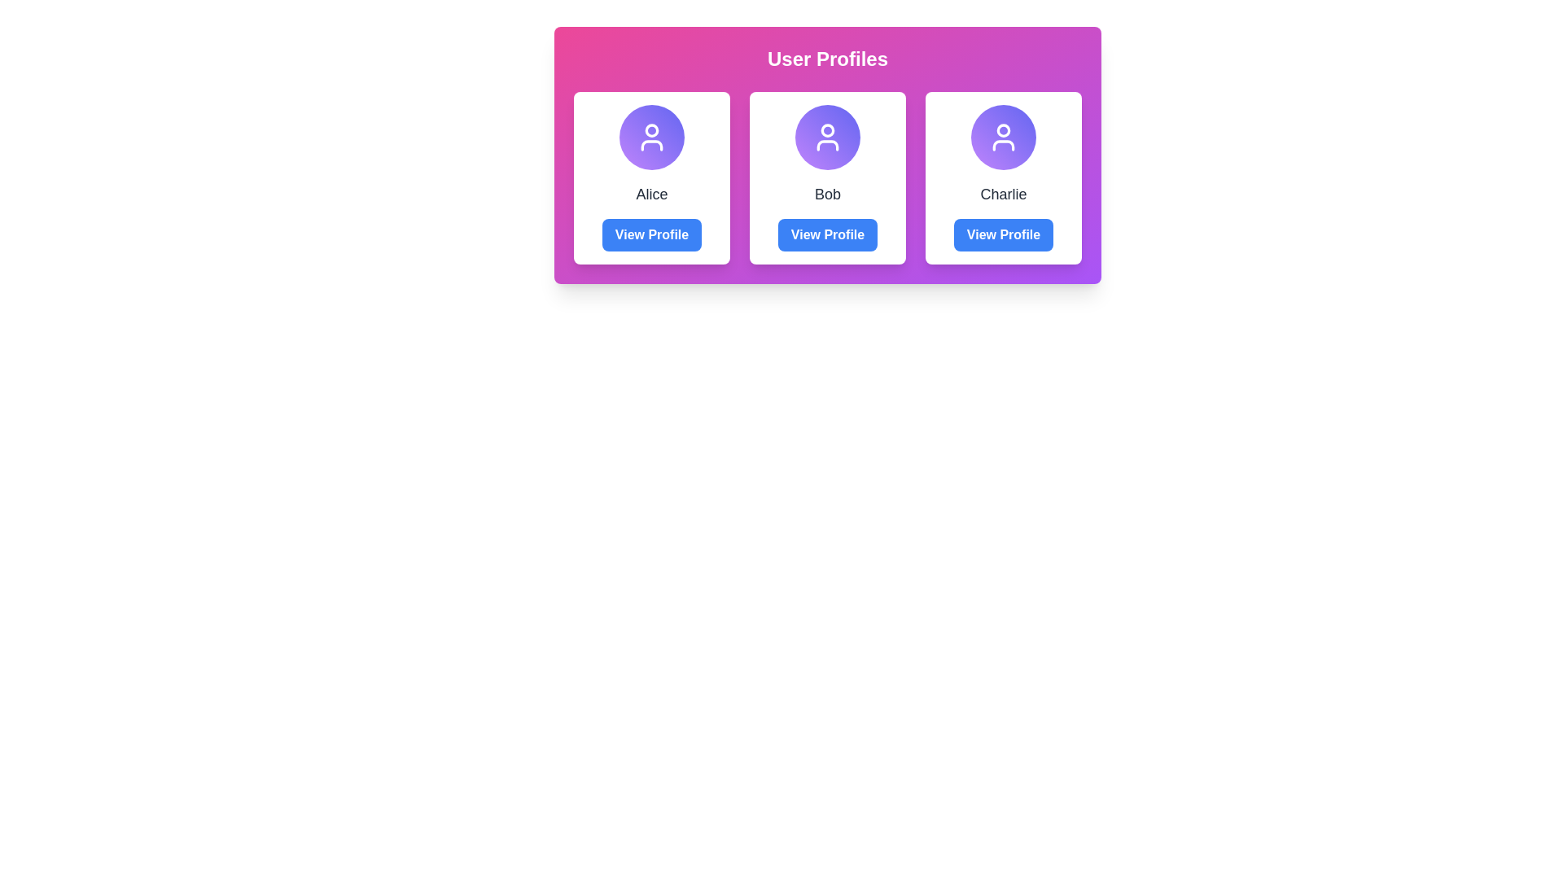 The image size is (1563, 879). What do you see at coordinates (828, 137) in the screenshot?
I see `the User Avatar representing 'Bob' in the profile card, which is located at the top of the card layout` at bounding box center [828, 137].